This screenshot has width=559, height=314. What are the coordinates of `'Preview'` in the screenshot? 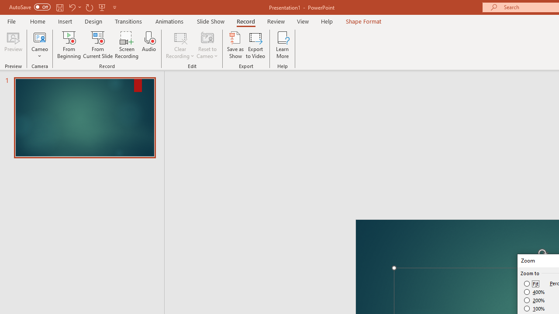 It's located at (13, 45).